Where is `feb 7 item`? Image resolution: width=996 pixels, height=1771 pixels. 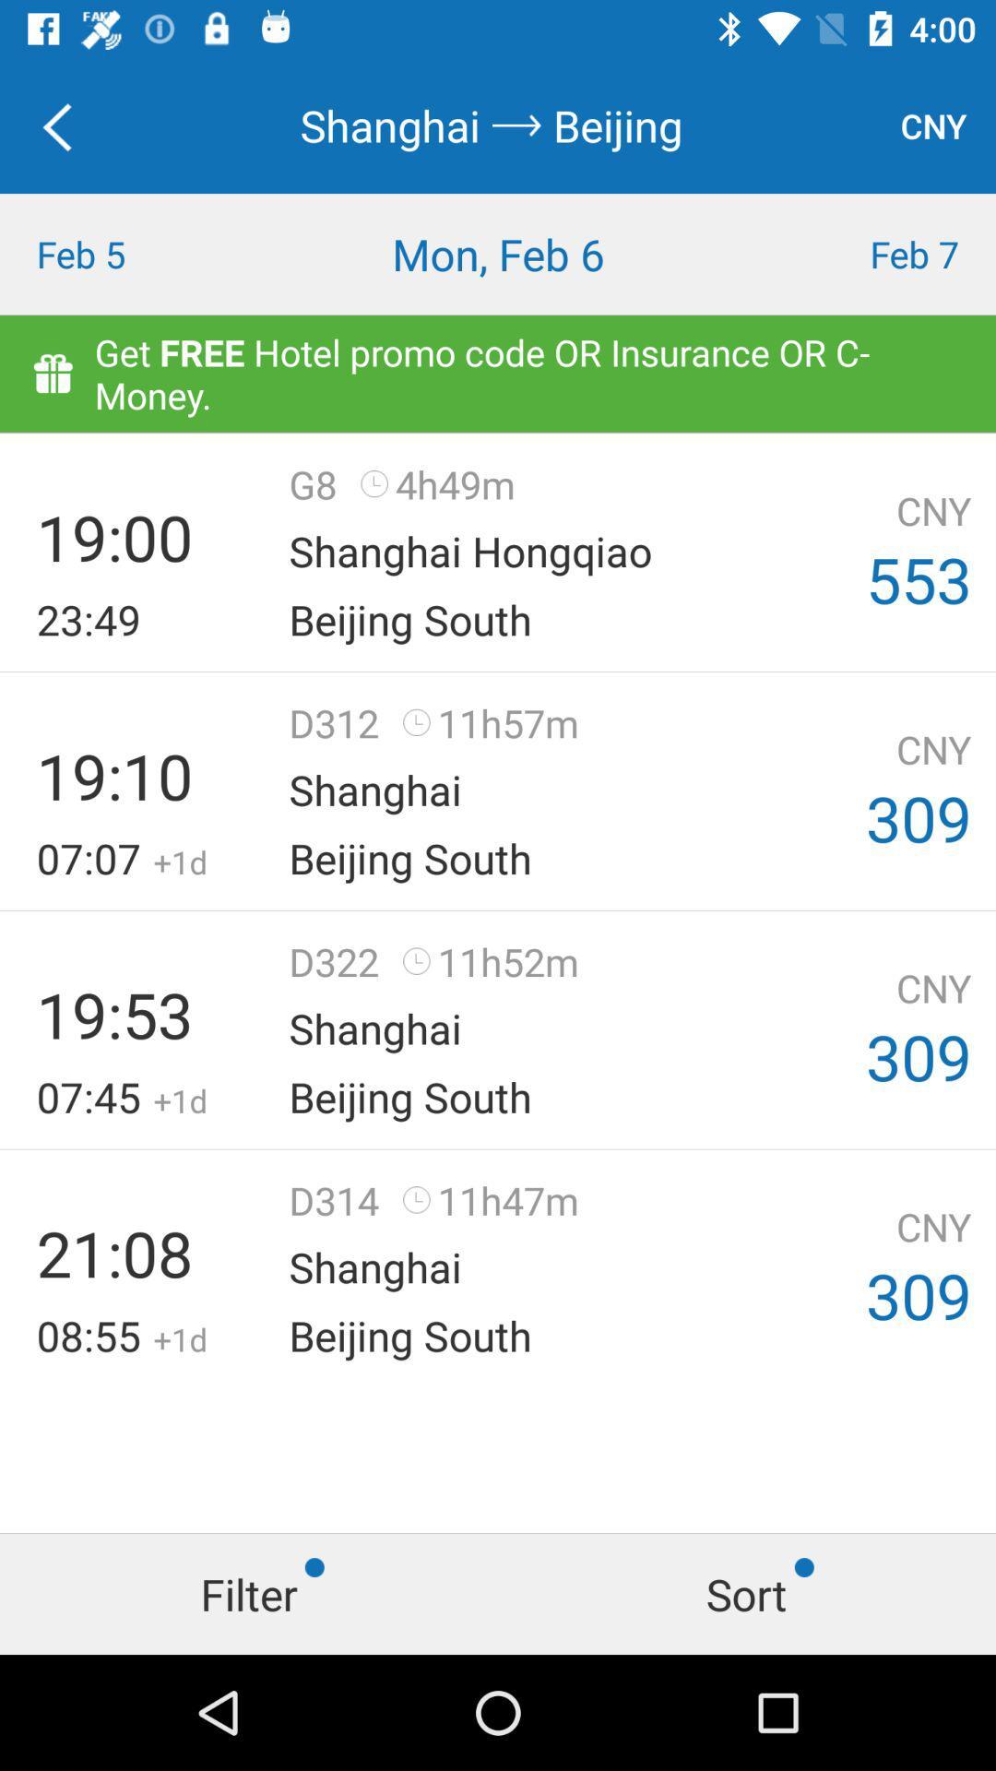
feb 7 item is located at coordinates (871, 253).